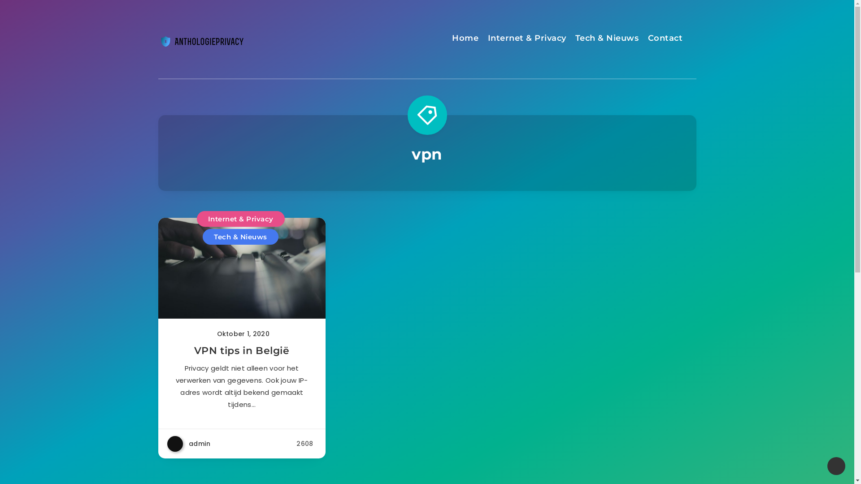  Describe the element at coordinates (202, 236) in the screenshot. I see `'Tech & Nieuws'` at that location.